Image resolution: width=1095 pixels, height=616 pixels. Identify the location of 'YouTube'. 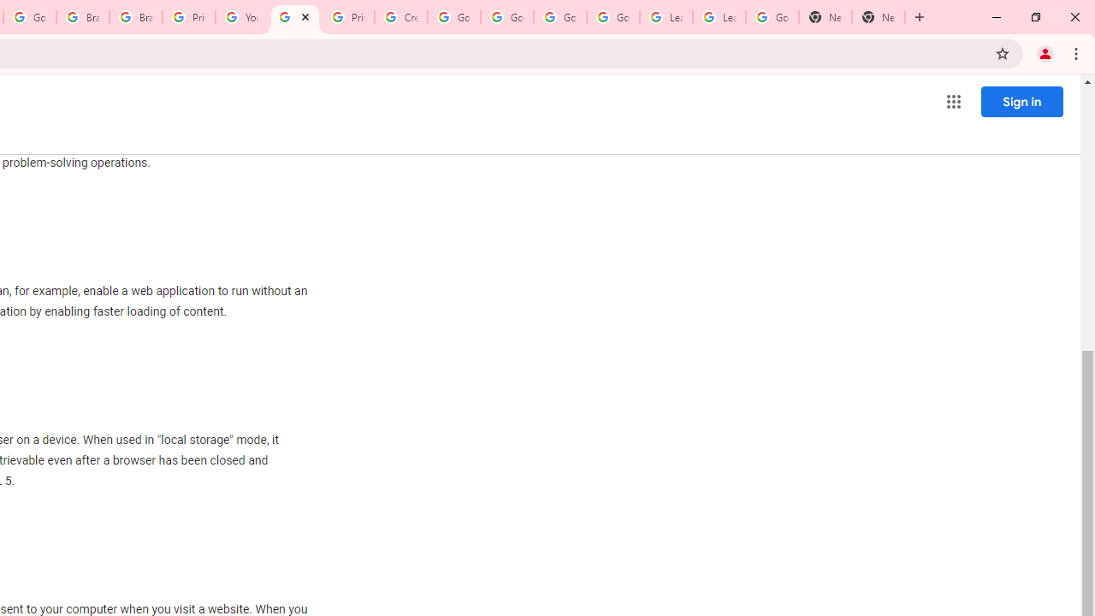
(240, 17).